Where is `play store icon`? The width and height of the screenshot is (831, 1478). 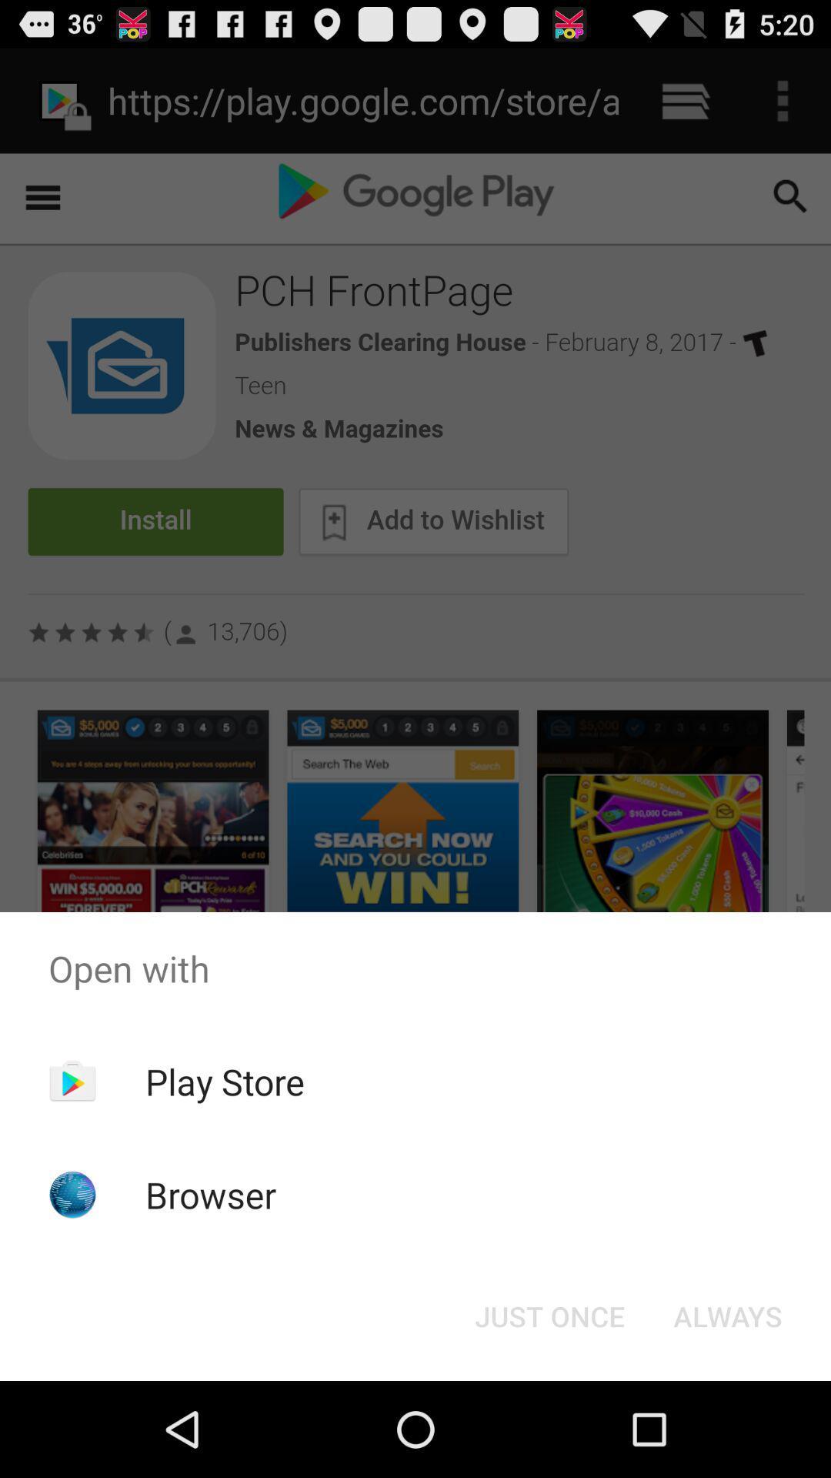
play store icon is located at coordinates (225, 1081).